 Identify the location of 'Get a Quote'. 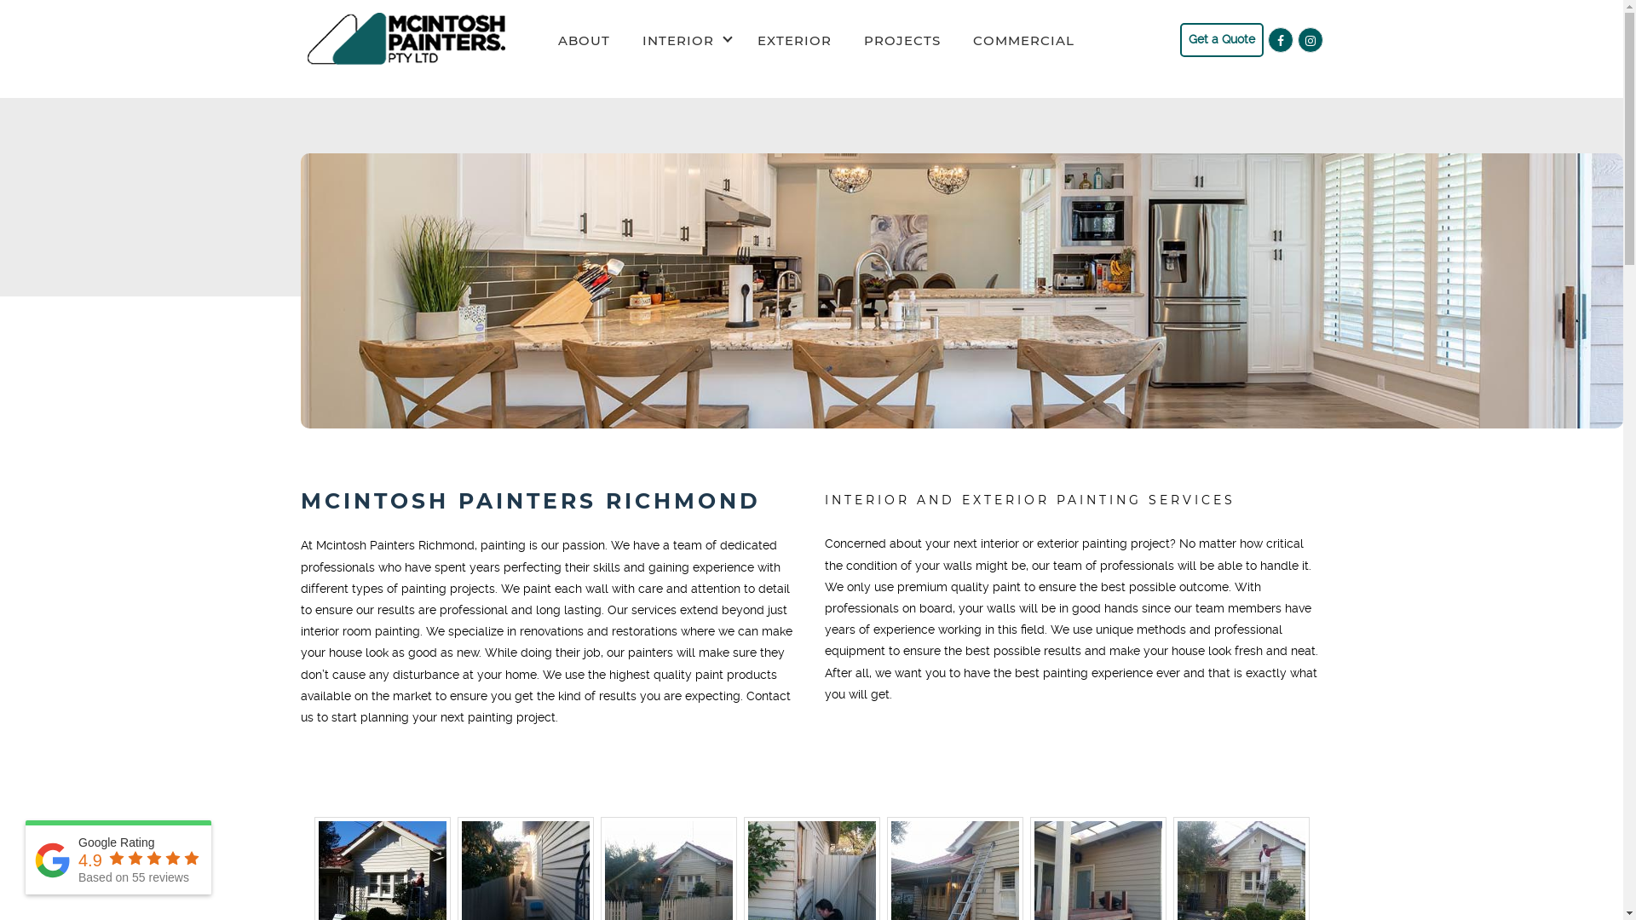
(1220, 38).